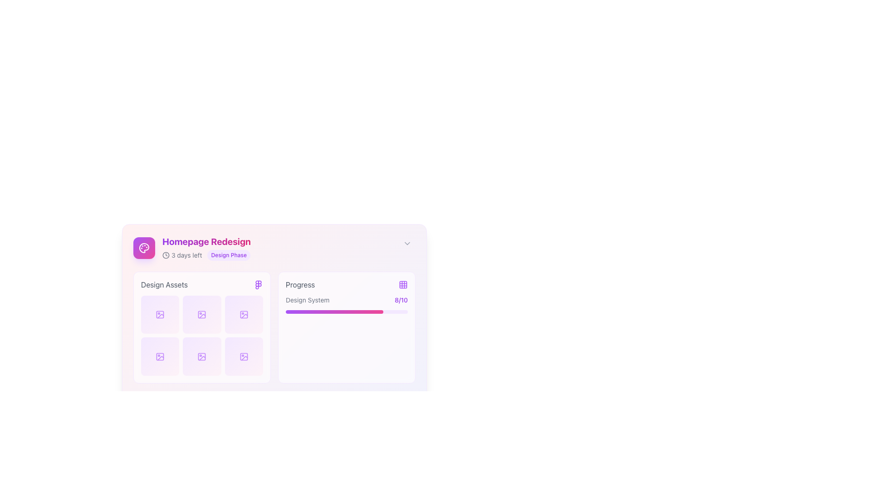 Image resolution: width=871 pixels, height=489 pixels. I want to click on the center of the rounded rectangle icon in the Design Assets section, so click(201, 314).